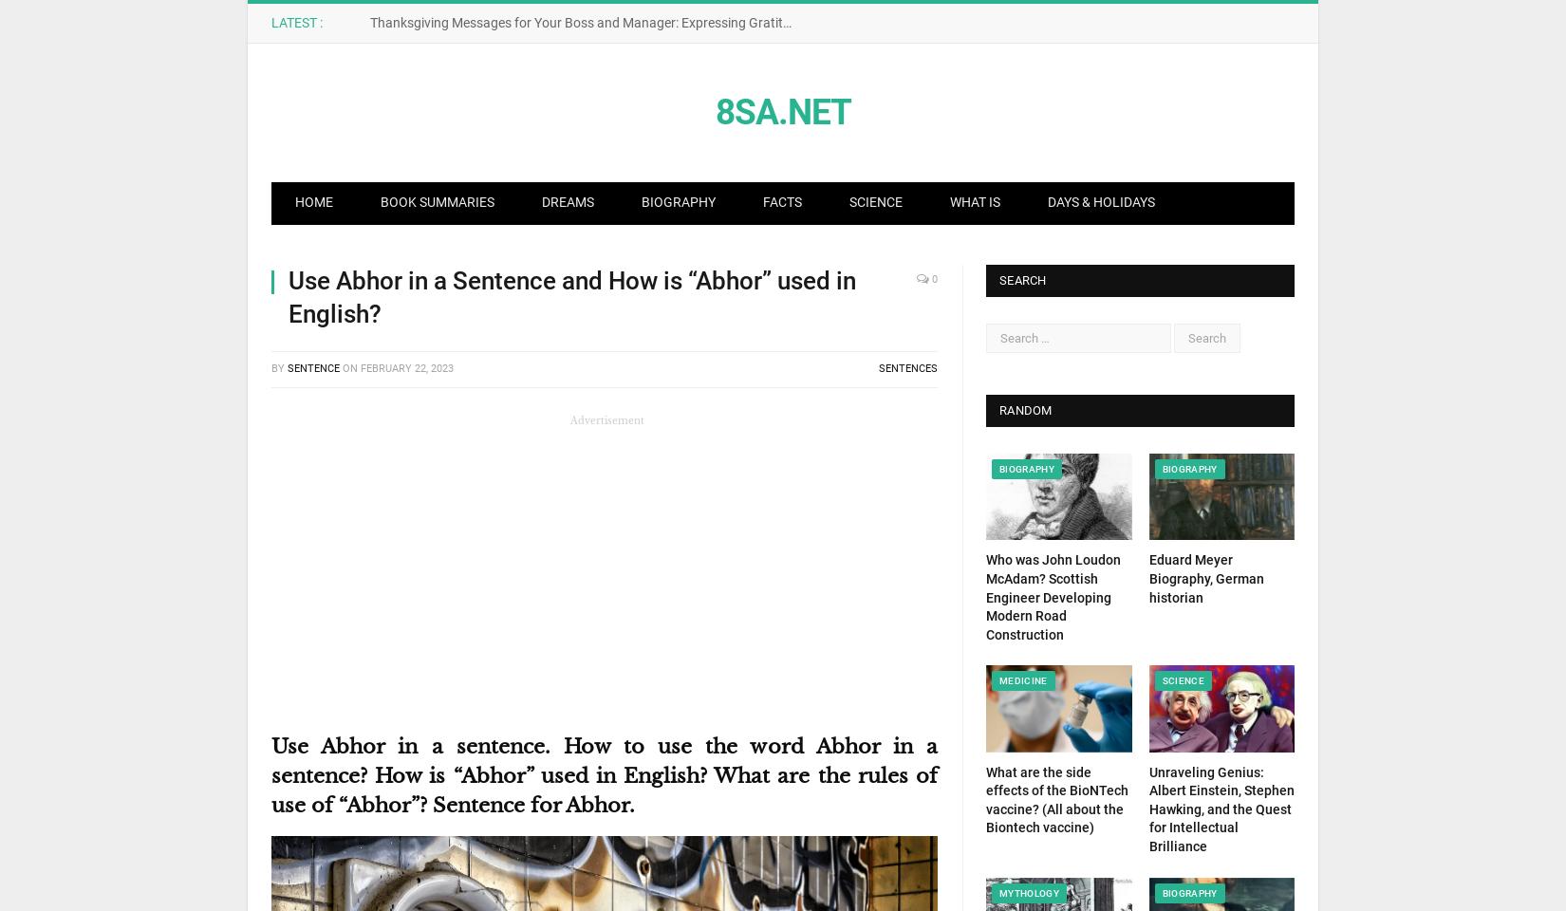 Image resolution: width=1566 pixels, height=911 pixels. What do you see at coordinates (313, 367) in the screenshot?
I see `'sentence'` at bounding box center [313, 367].